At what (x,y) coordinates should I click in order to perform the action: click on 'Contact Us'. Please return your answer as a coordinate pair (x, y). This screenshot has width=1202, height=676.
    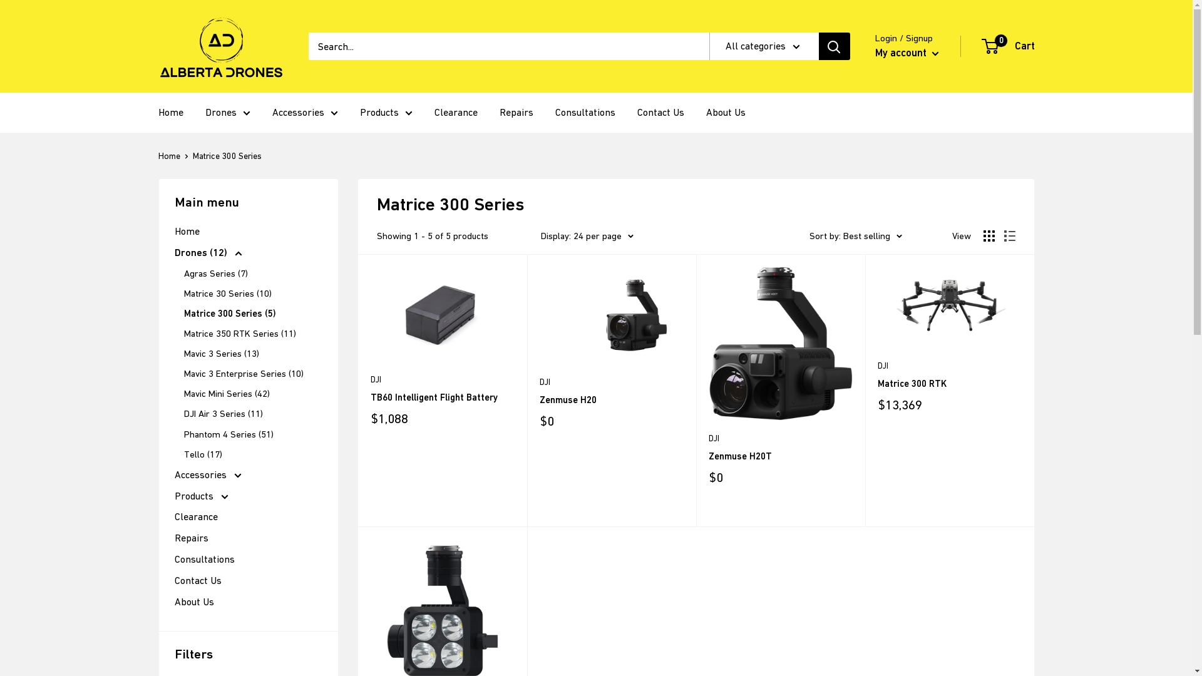
    Looking at the image, I should click on (247, 581).